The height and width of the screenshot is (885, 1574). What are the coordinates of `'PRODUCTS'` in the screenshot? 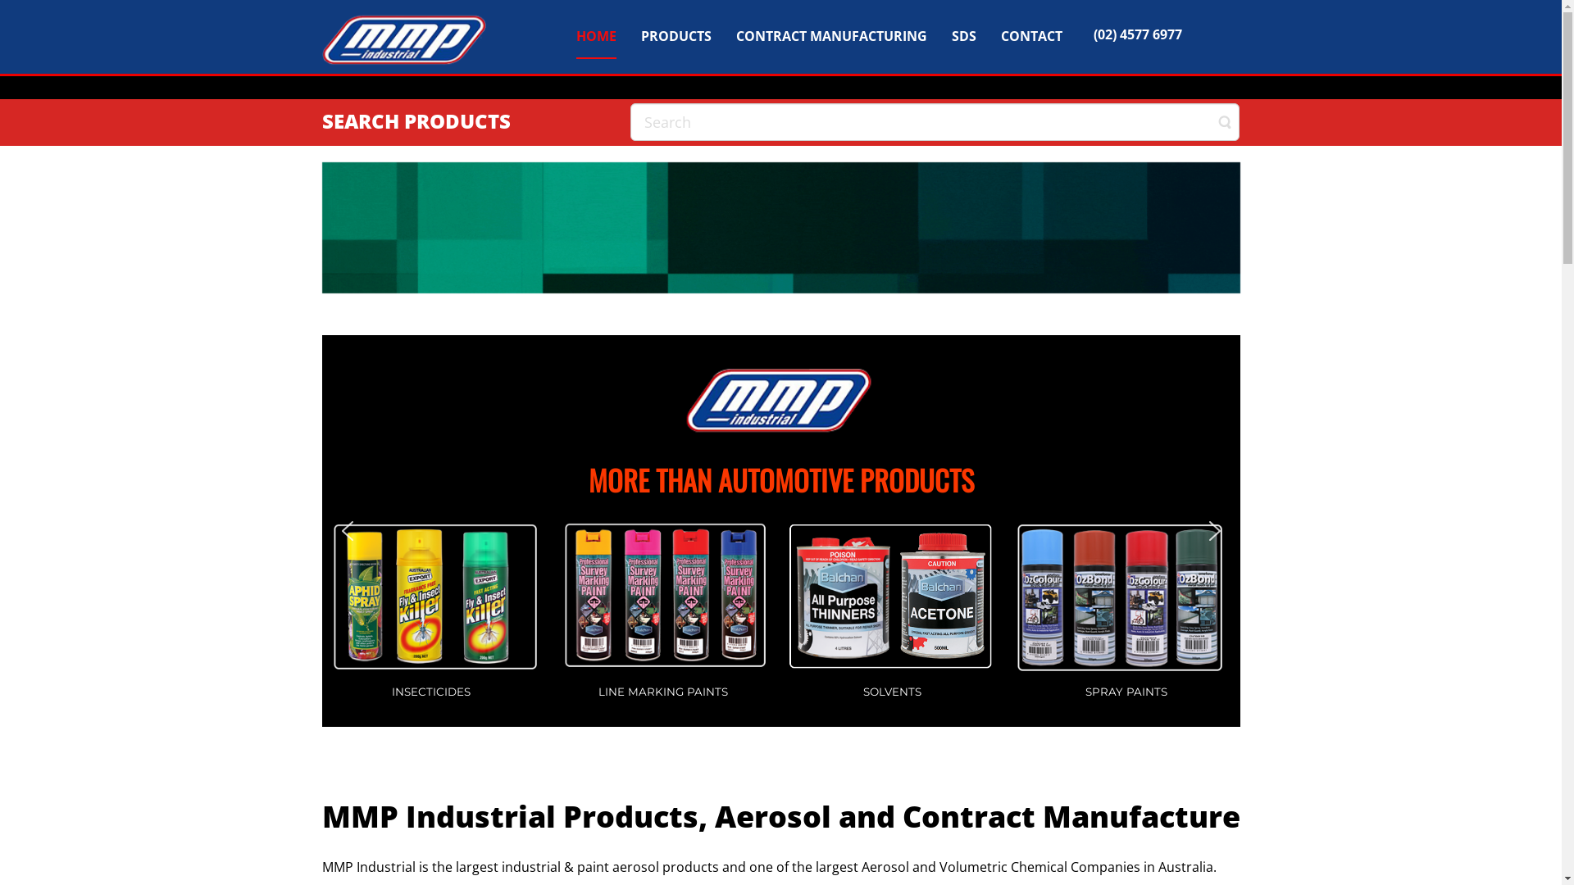 It's located at (640, 34).